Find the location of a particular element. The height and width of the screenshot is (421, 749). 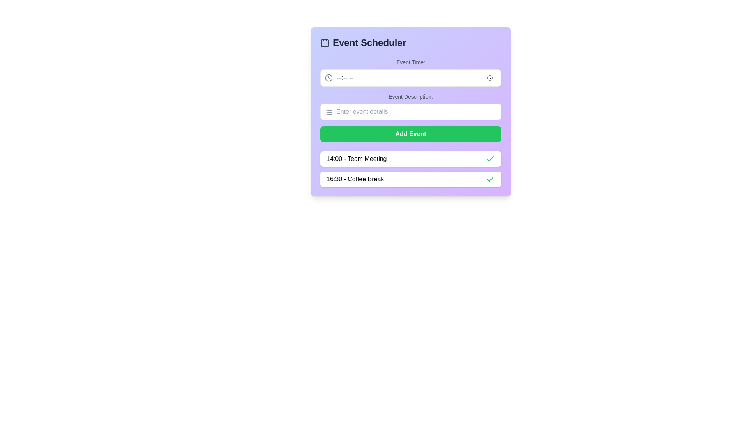

the green checkmark icon on the far right side of the '16:30 - Coffee Break' entry in the event list, which indicates a completed item is located at coordinates (490, 179).